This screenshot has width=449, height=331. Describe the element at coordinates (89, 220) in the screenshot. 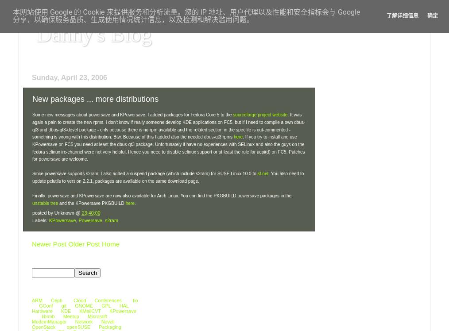

I see `'Powersave'` at that location.